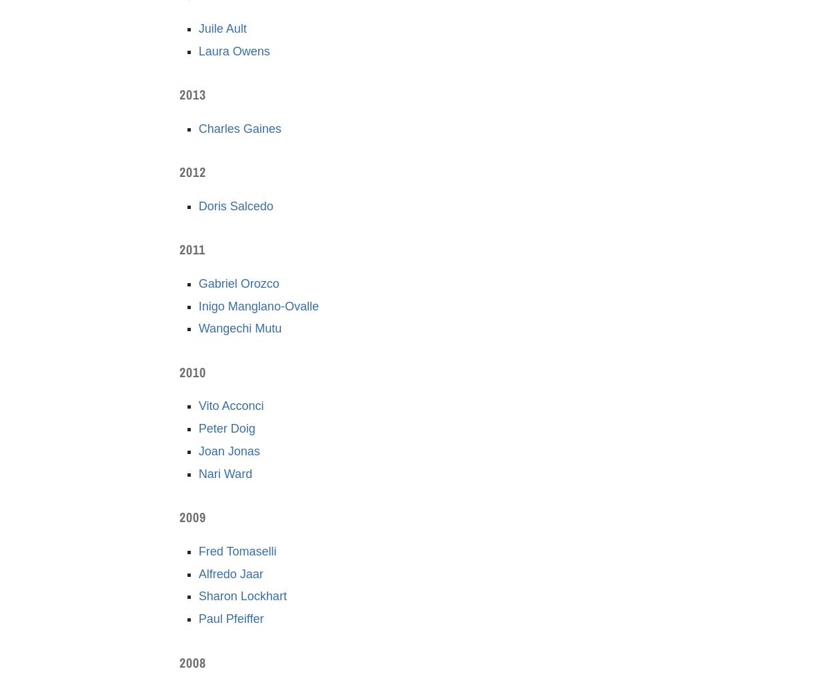  What do you see at coordinates (193, 662) in the screenshot?
I see `'2008'` at bounding box center [193, 662].